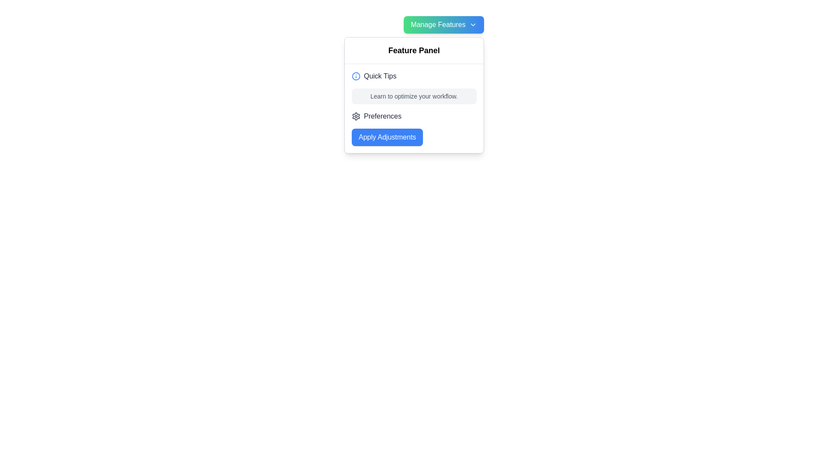 This screenshot has height=471, width=838. What do you see at coordinates (382, 116) in the screenshot?
I see `the Text Label that indicates user preferences settings, located within the 'Feature Panel' below 'Quick Tips', adjacent to a gear icon` at bounding box center [382, 116].